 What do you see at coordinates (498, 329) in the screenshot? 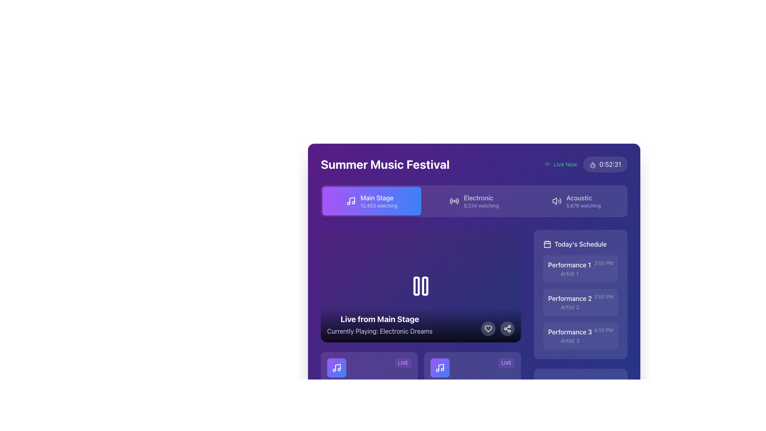
I see `the share icon in the grouping of circular buttons located at the bottom-right side of the 'Live from Main Stage' section, adjacent to the text 'Currently Playing: Electronic Dreams'` at bounding box center [498, 329].